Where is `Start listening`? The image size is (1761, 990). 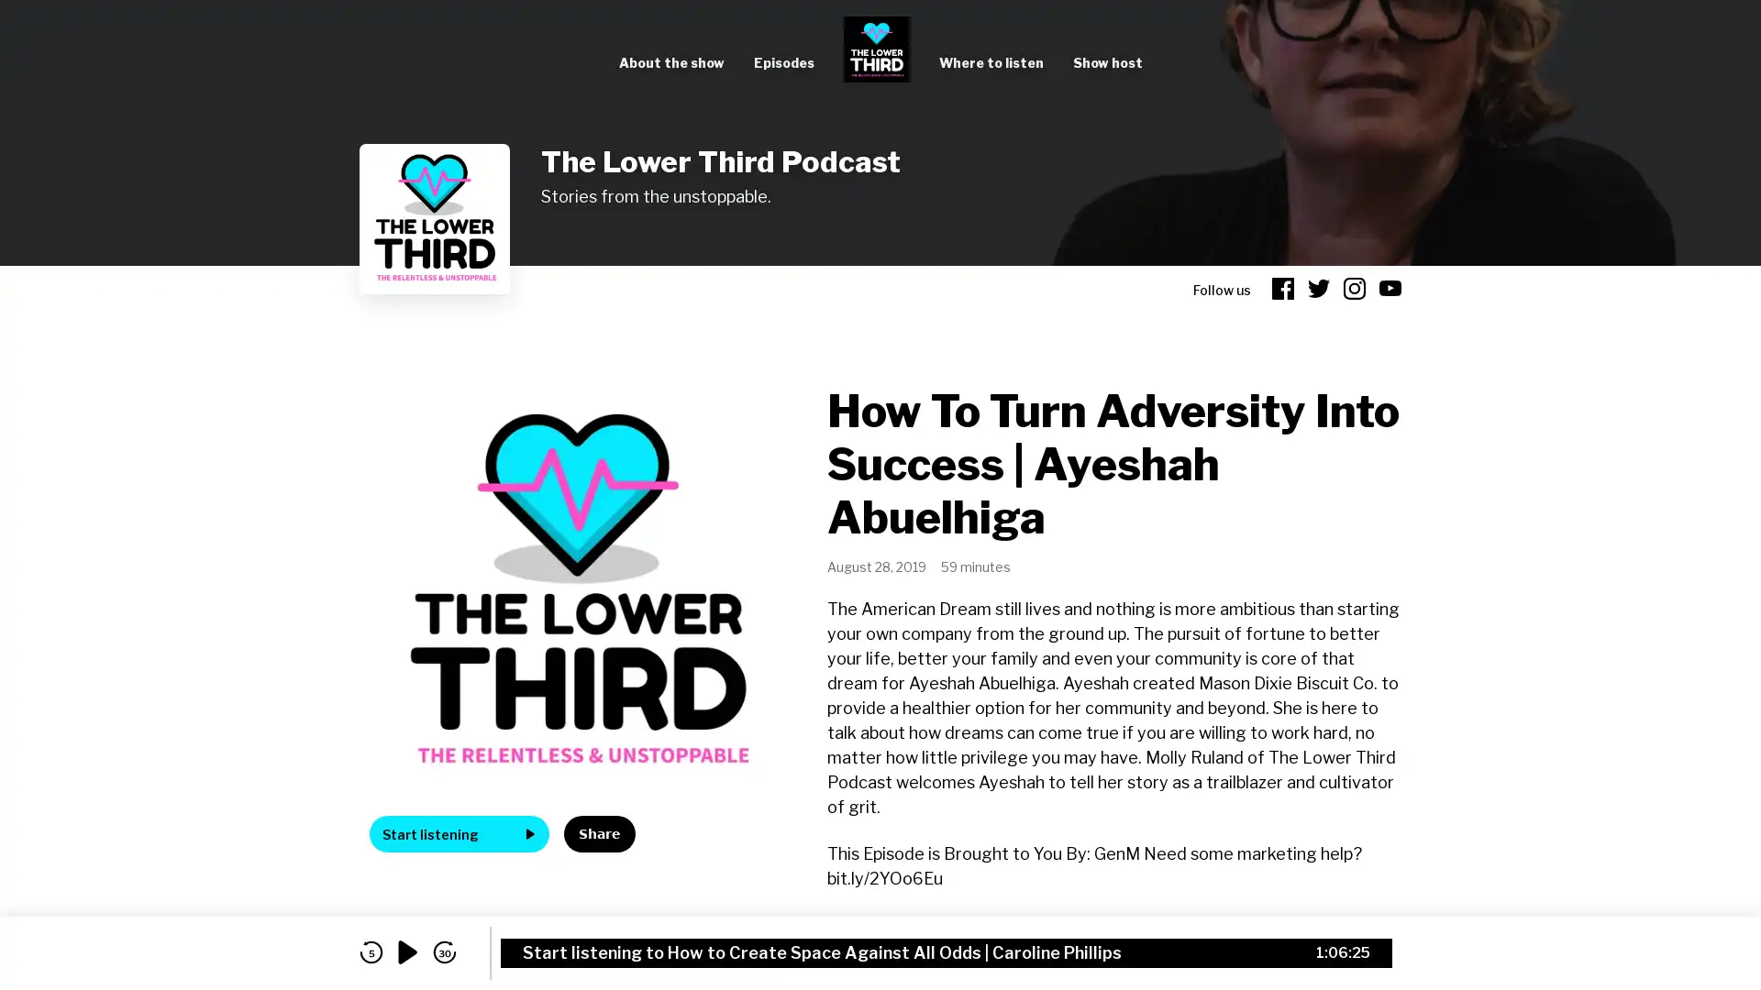
Start listening is located at coordinates (459, 834).